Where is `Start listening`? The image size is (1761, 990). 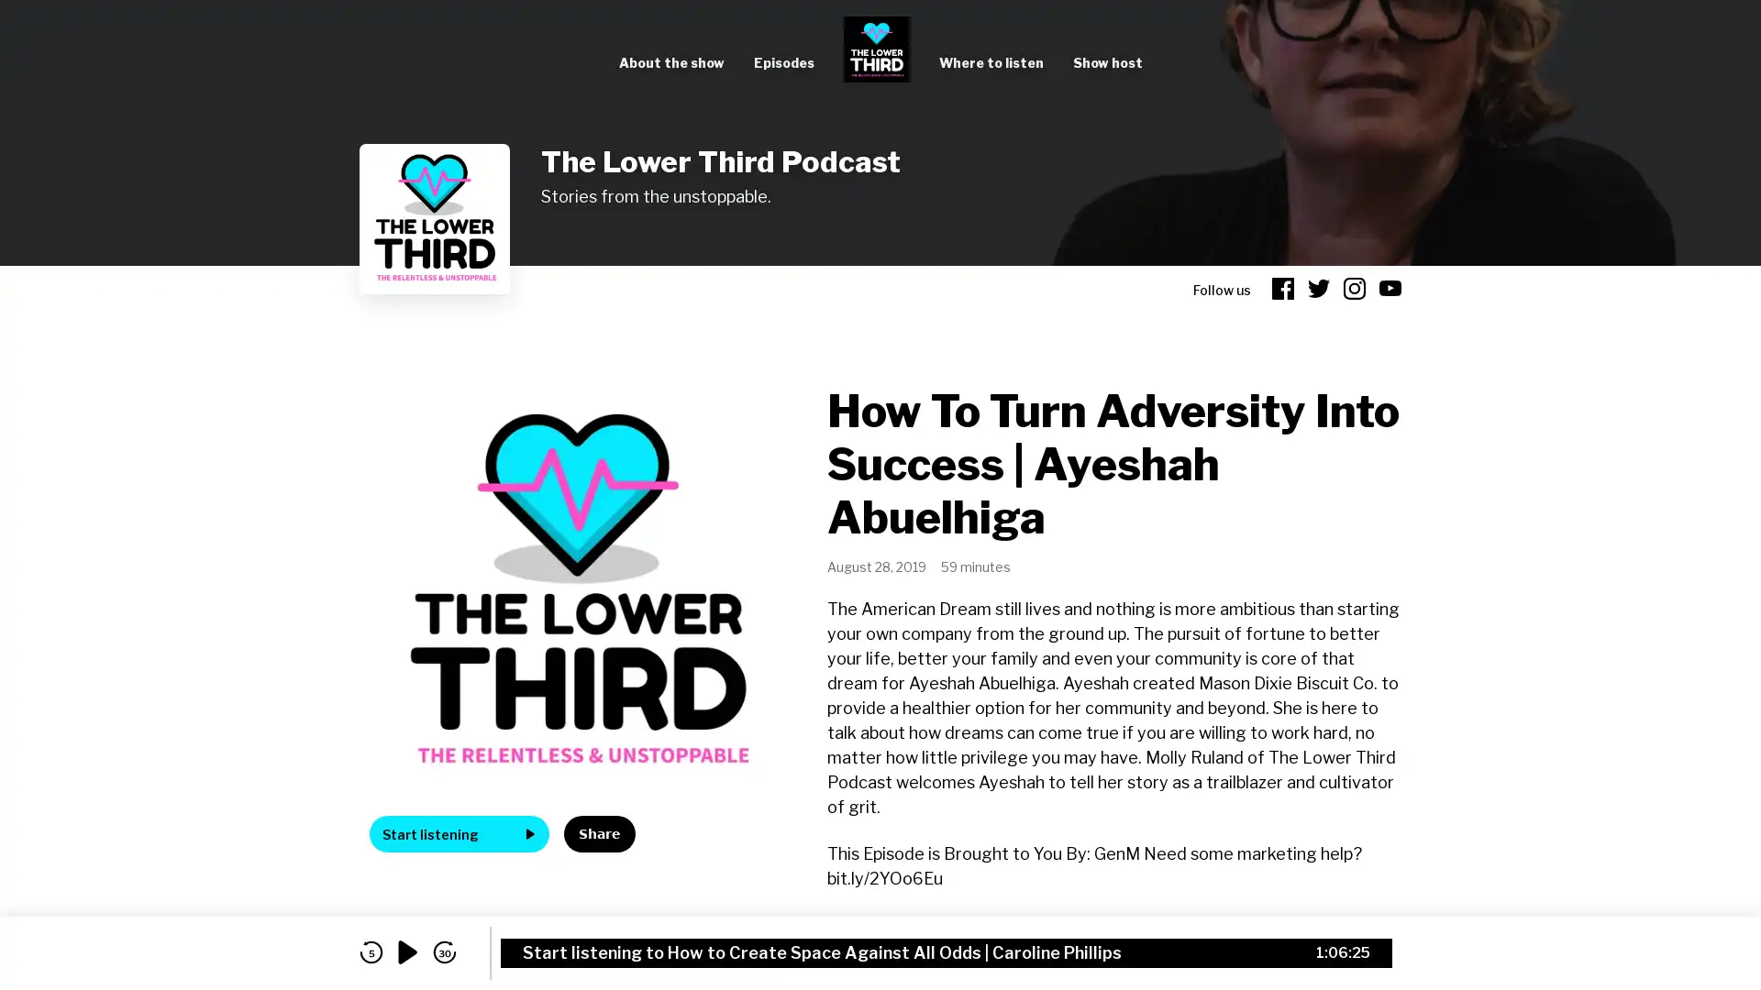
Start listening is located at coordinates (459, 834).